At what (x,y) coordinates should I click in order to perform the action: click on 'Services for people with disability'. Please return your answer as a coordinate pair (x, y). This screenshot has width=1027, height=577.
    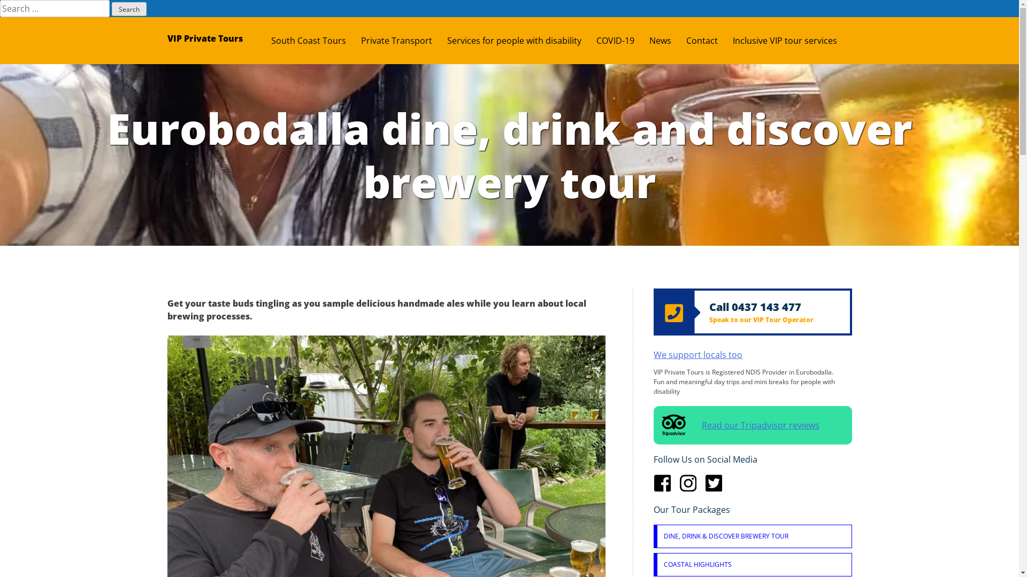
    Looking at the image, I should click on (522, 40).